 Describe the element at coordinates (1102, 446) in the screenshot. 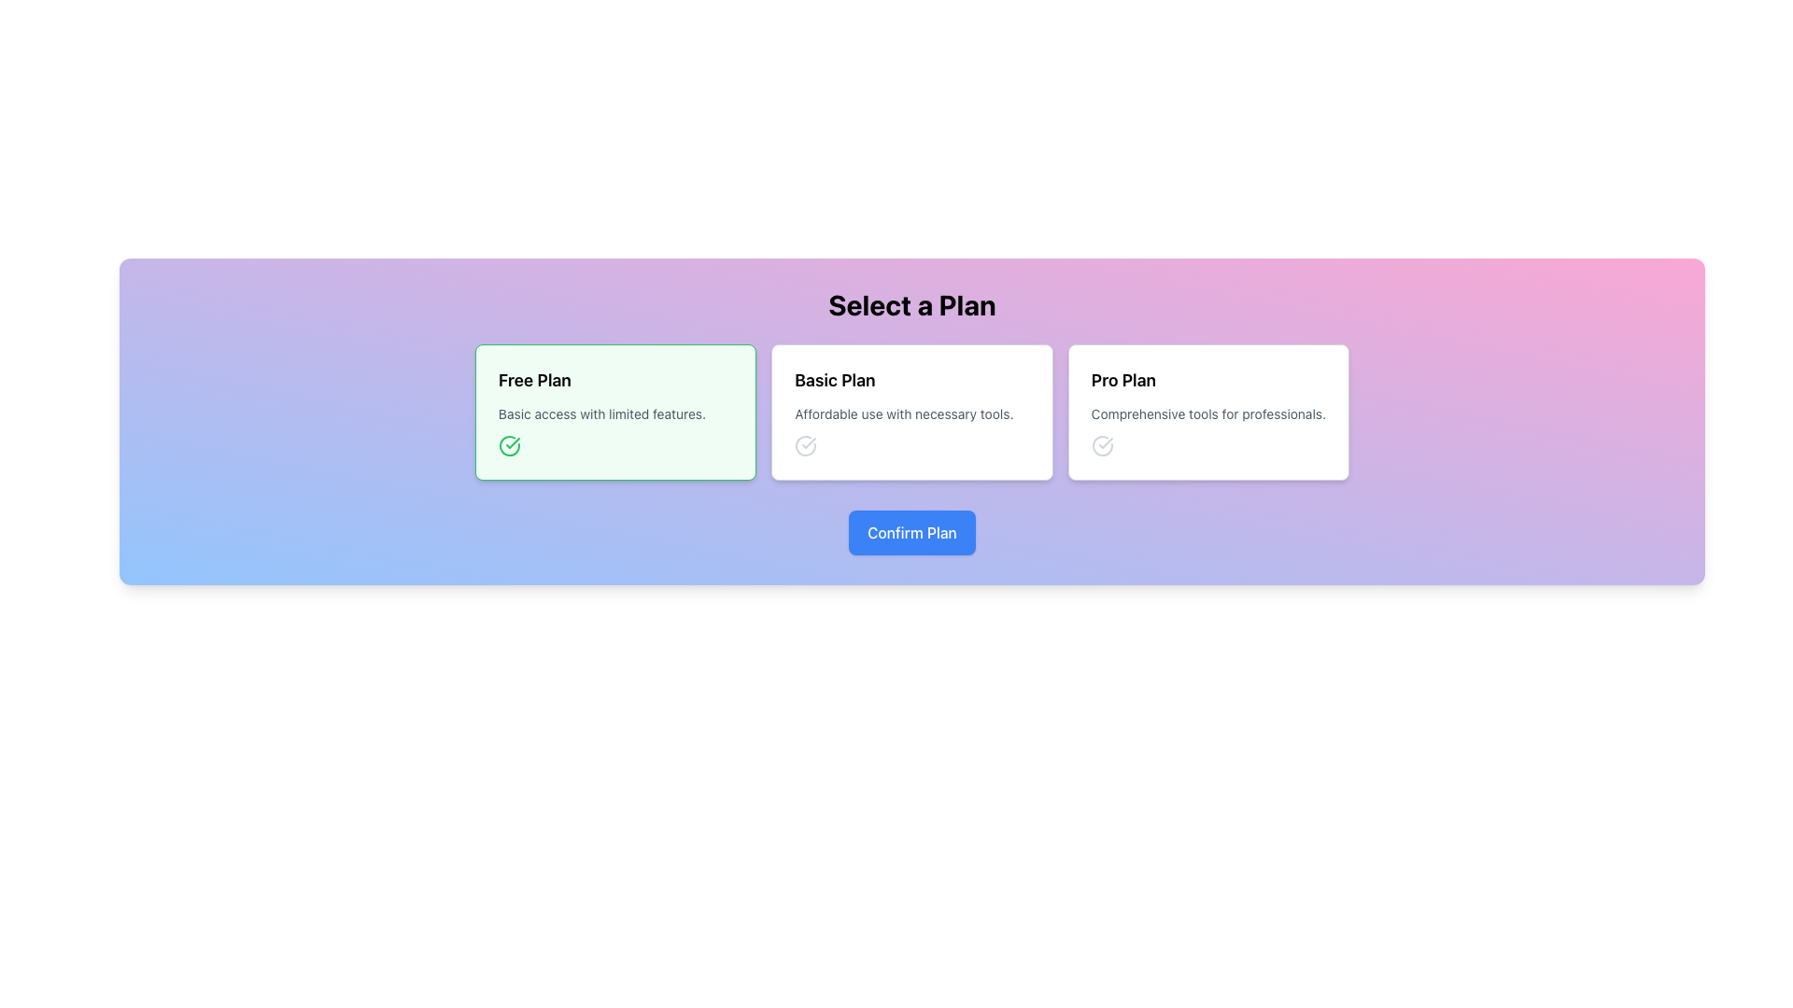

I see `the icon located at the bottom-right area of the 'Pro Plan' card, indicating availability or selection associated with the Pro Plan` at that location.